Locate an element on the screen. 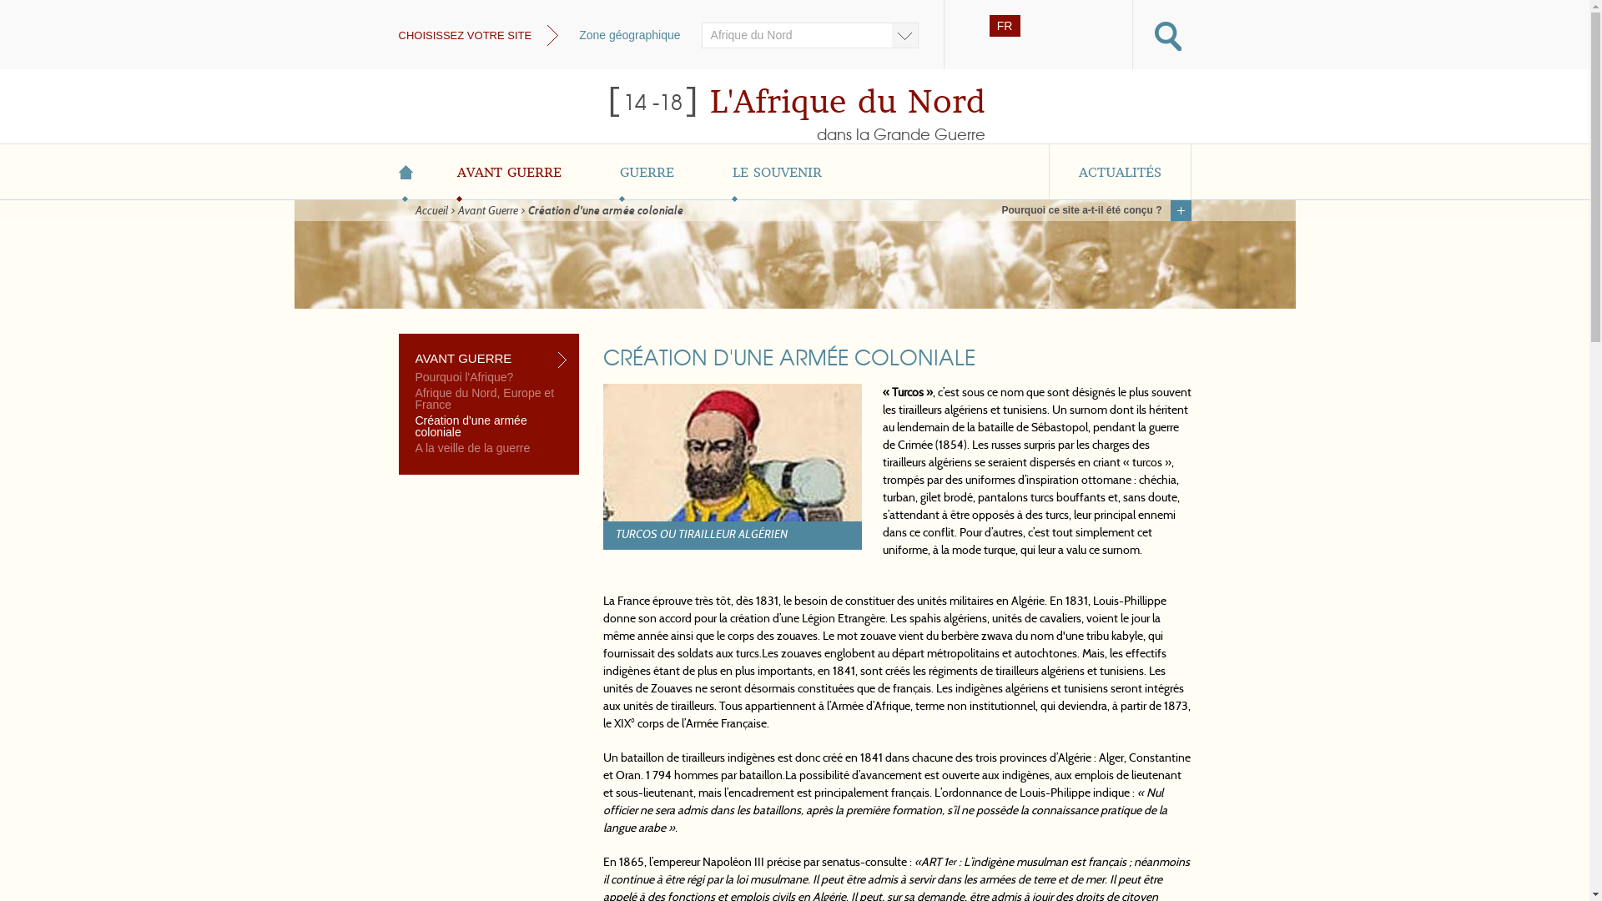 The height and width of the screenshot is (901, 1602). 'Accueil' is located at coordinates (431, 210).